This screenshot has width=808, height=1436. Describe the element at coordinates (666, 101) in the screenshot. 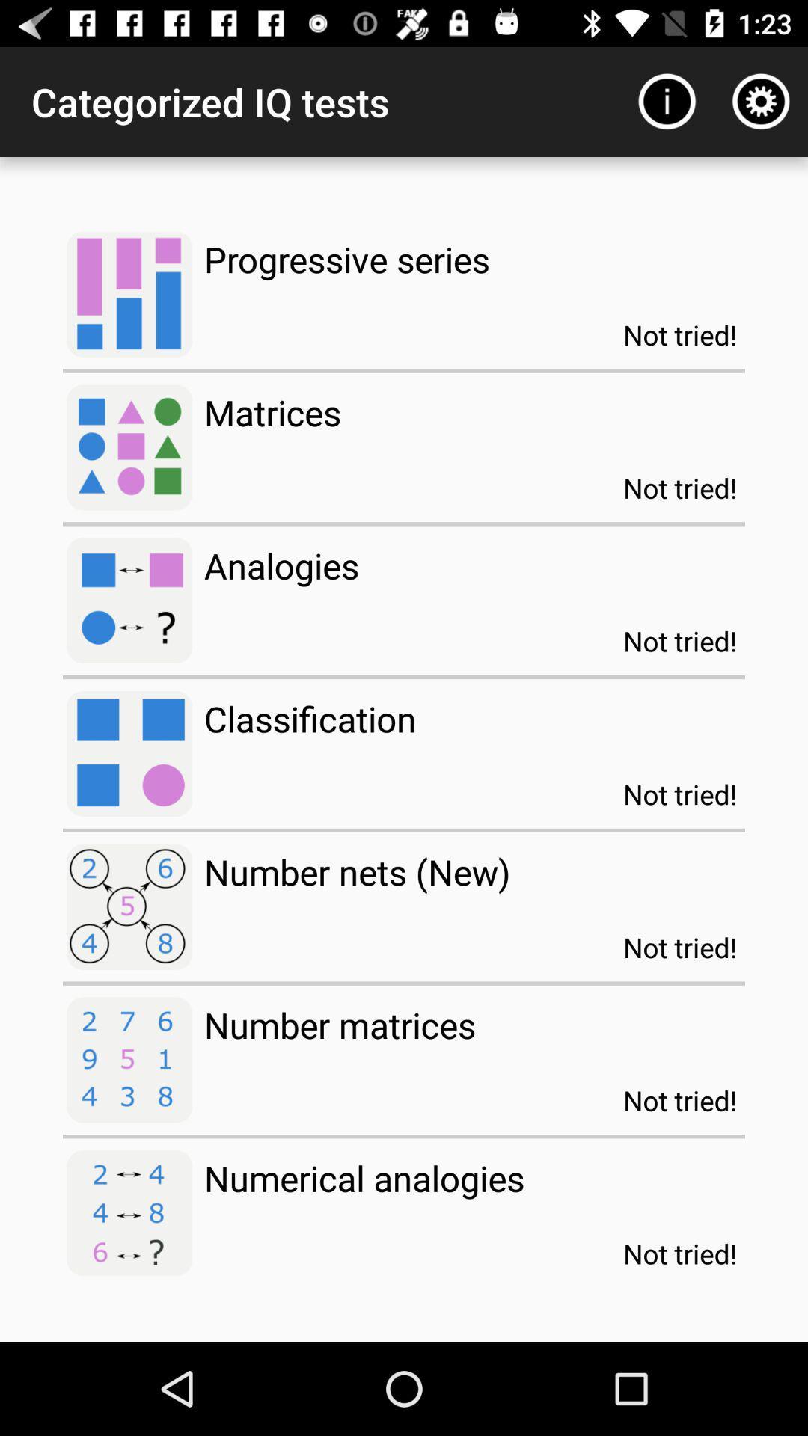

I see `item to the right of categorized iq tests app` at that location.